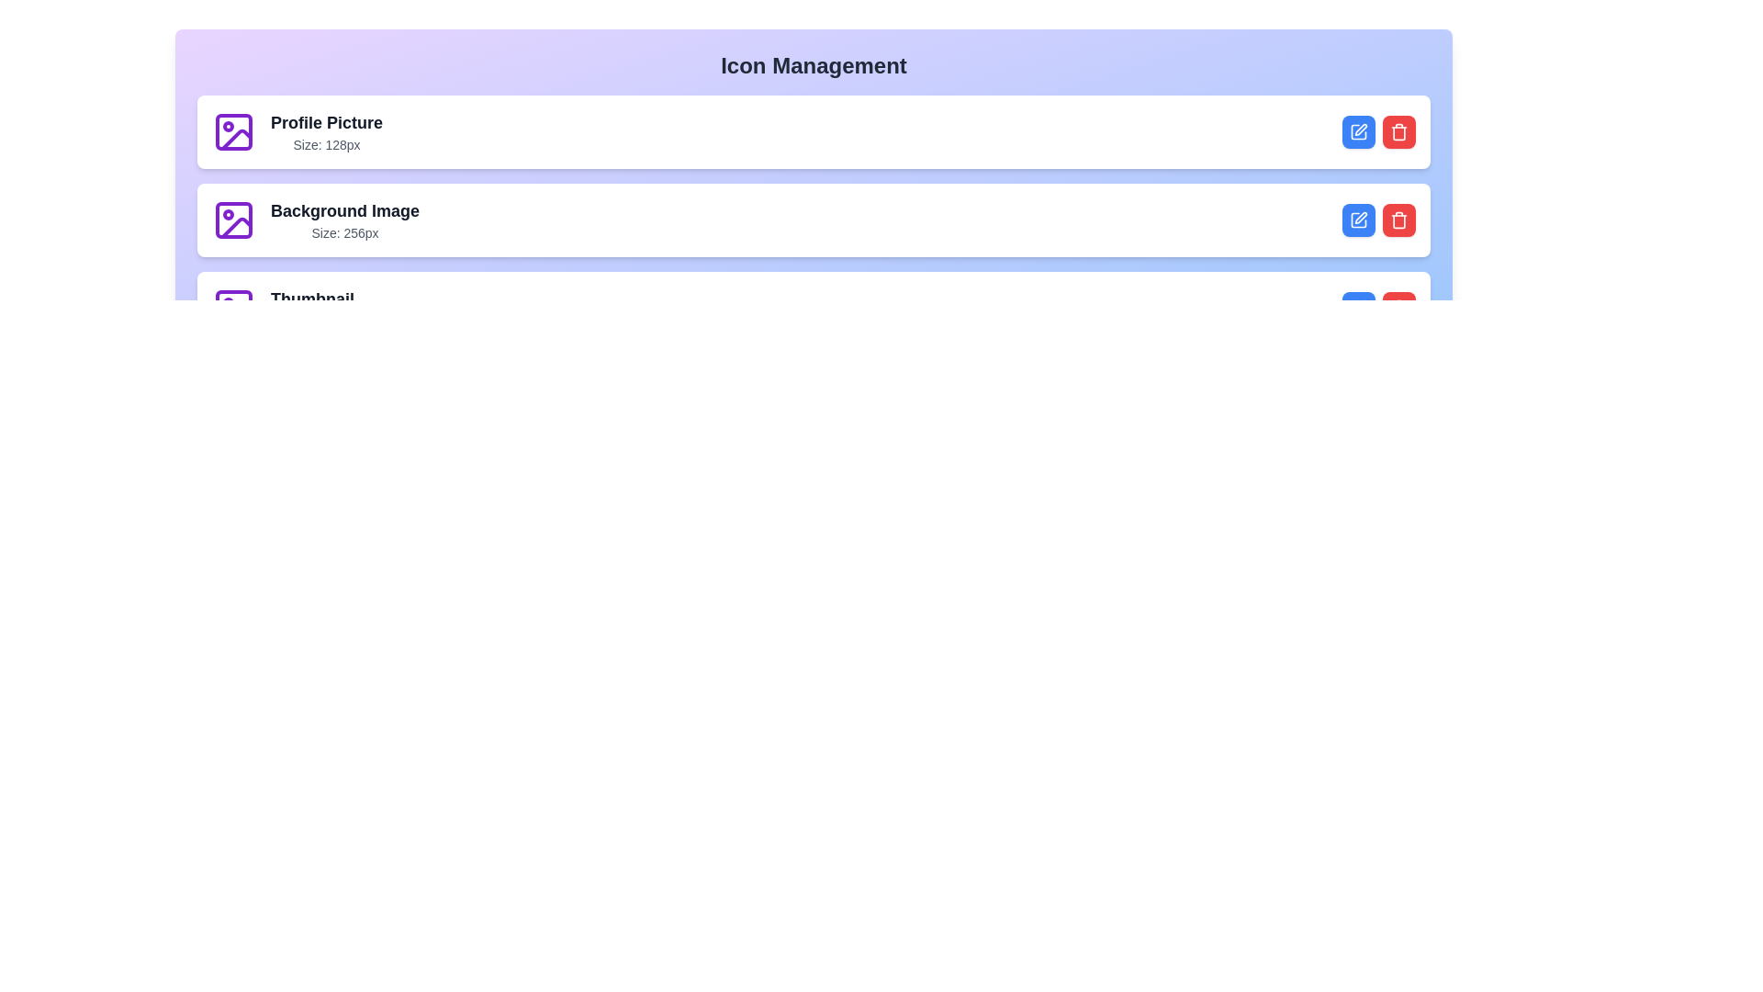 The width and height of the screenshot is (1763, 992). I want to click on text element indicating the size measurement, styled in gray, located beneath the bolded title 'Profile Picture' in the 'Icon Management' section, so click(326, 144).